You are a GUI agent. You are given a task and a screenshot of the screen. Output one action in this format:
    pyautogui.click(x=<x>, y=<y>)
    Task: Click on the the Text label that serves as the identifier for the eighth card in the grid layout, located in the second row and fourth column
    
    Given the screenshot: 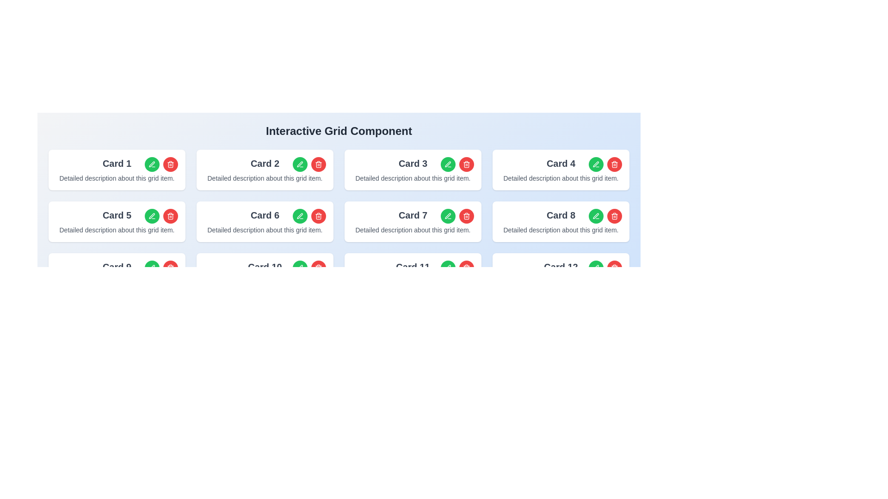 What is the action you would take?
    pyautogui.click(x=561, y=215)
    